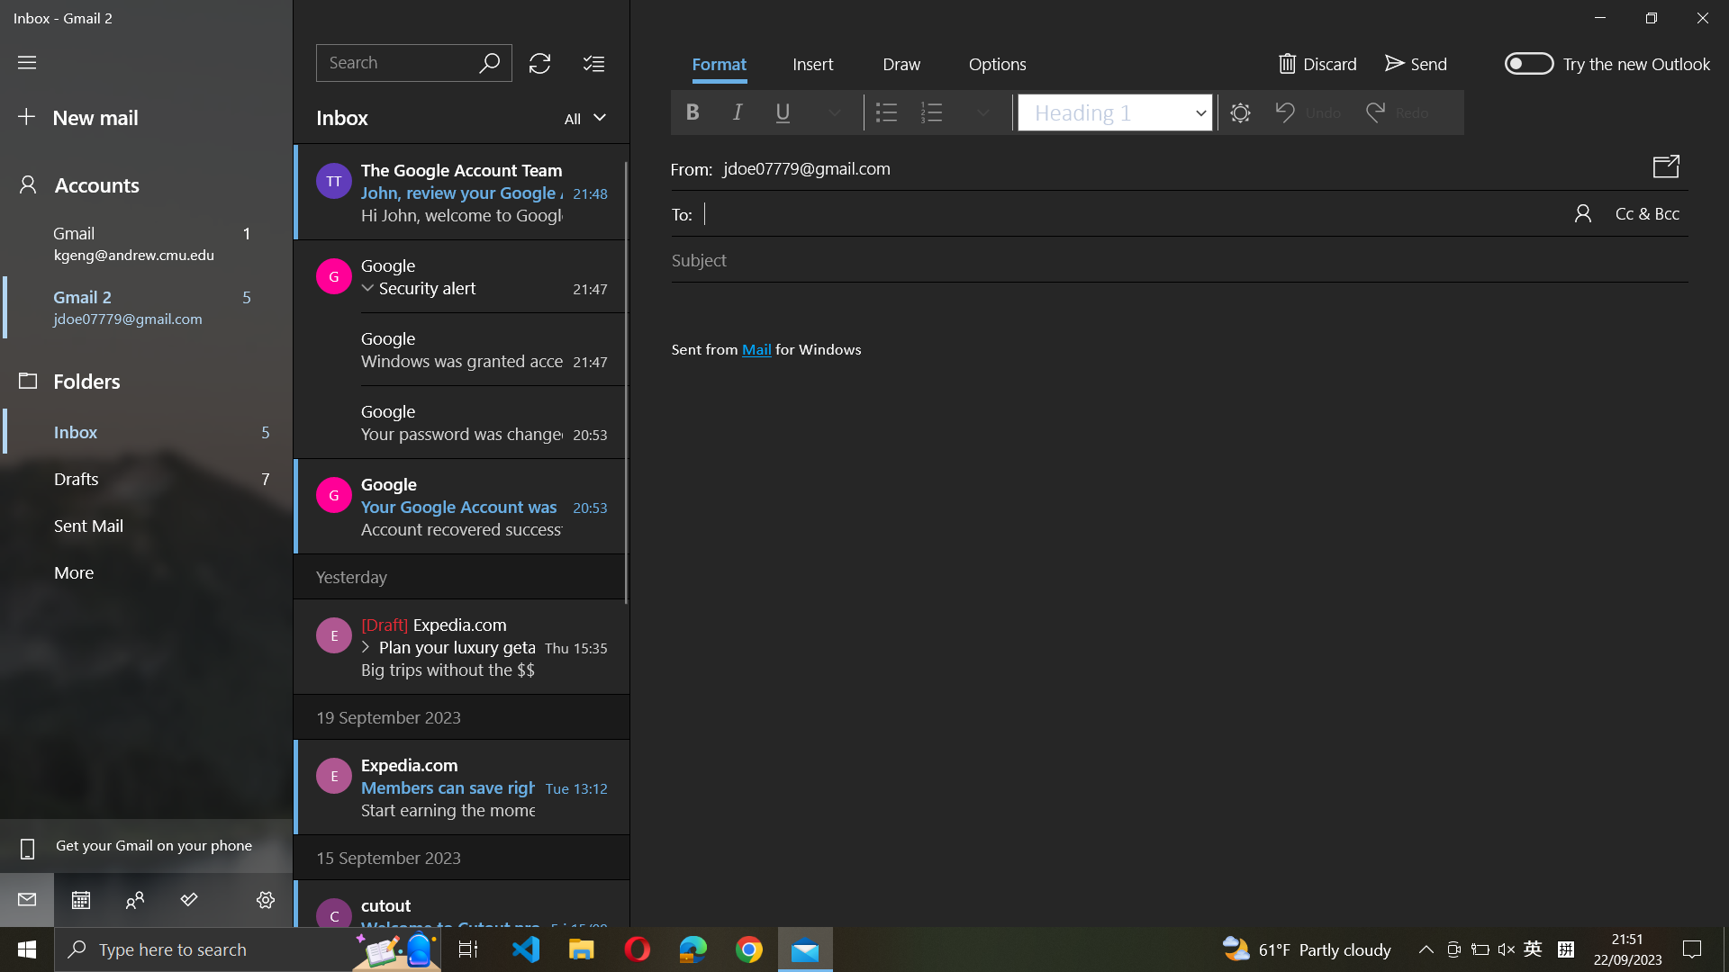 This screenshot has width=1729, height=972. I want to click on Discard current email, so click(1317, 60).